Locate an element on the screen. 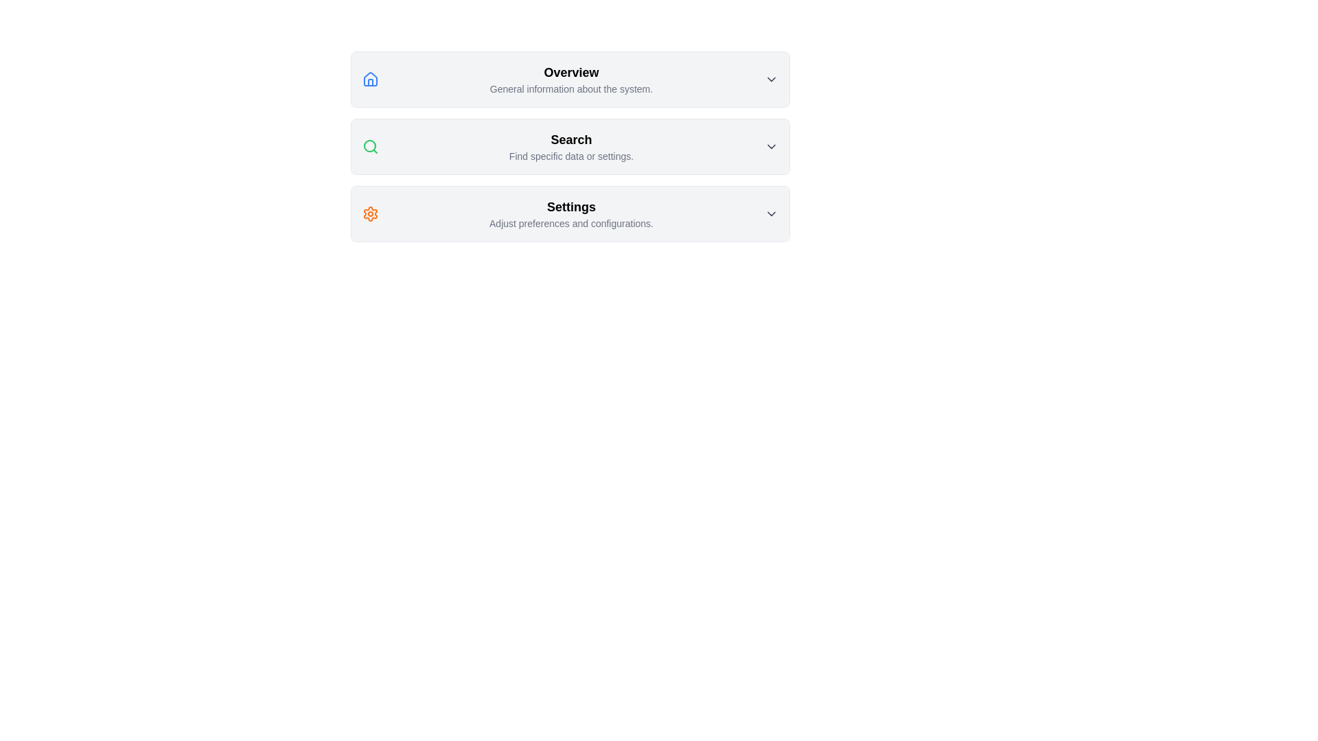 The height and width of the screenshot is (741, 1318). the 'Search' label element, which is displayed in bold, black font and is centrally located in the second section of a three-element list is located at coordinates (571, 140).